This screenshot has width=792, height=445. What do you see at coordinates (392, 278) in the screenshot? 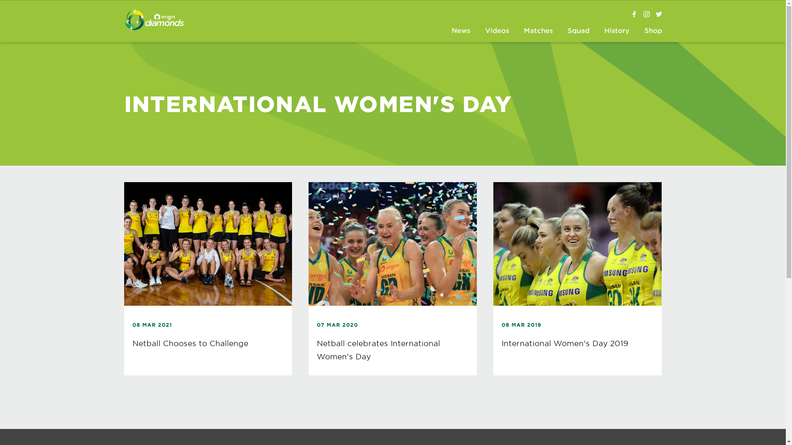
I see `'07 MAR 2020` at bounding box center [392, 278].